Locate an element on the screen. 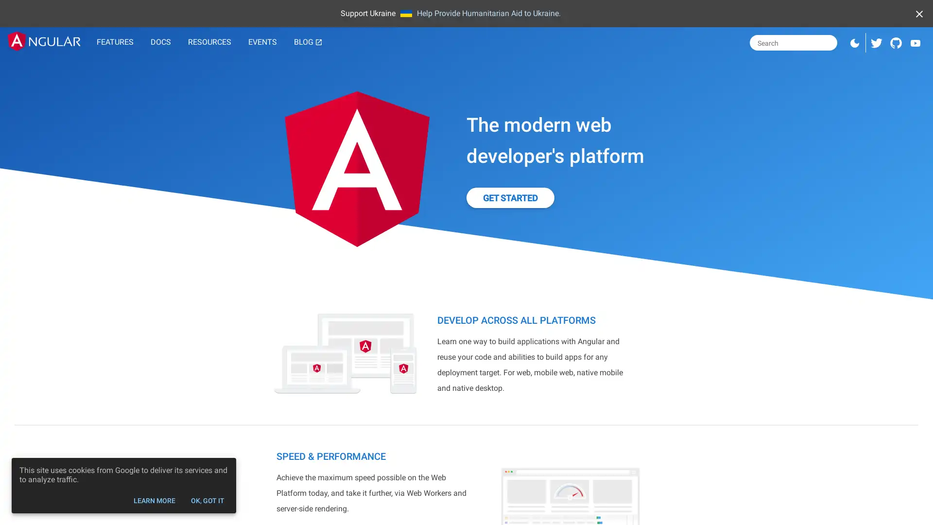 This screenshot has width=933, height=525. Switch to dark mode is located at coordinates (854, 42).